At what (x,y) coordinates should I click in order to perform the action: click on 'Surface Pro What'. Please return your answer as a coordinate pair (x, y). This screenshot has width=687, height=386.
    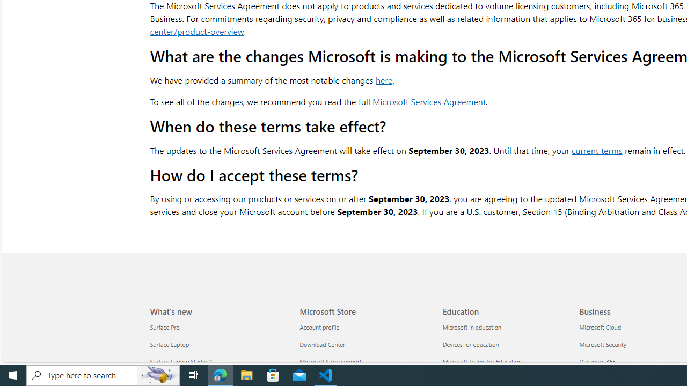
    Looking at the image, I should click on (164, 327).